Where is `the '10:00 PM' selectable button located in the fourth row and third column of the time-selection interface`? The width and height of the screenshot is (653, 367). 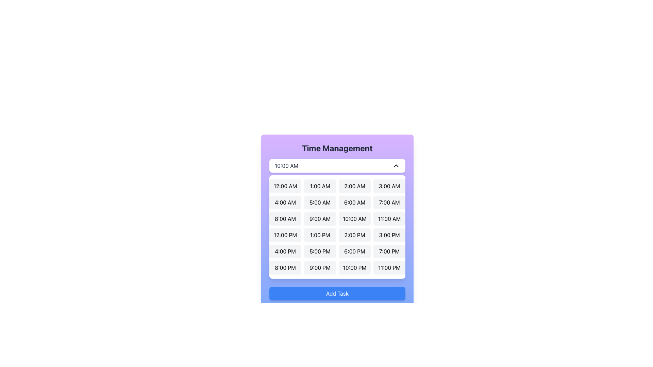 the '10:00 PM' selectable button located in the fourth row and third column of the time-selection interface is located at coordinates (354, 267).